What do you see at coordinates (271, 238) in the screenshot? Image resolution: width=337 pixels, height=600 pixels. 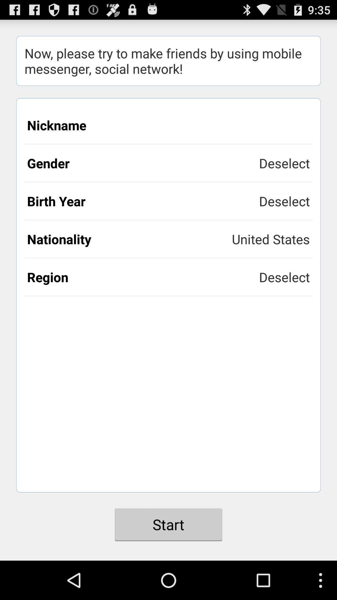 I see `the united states` at bounding box center [271, 238].